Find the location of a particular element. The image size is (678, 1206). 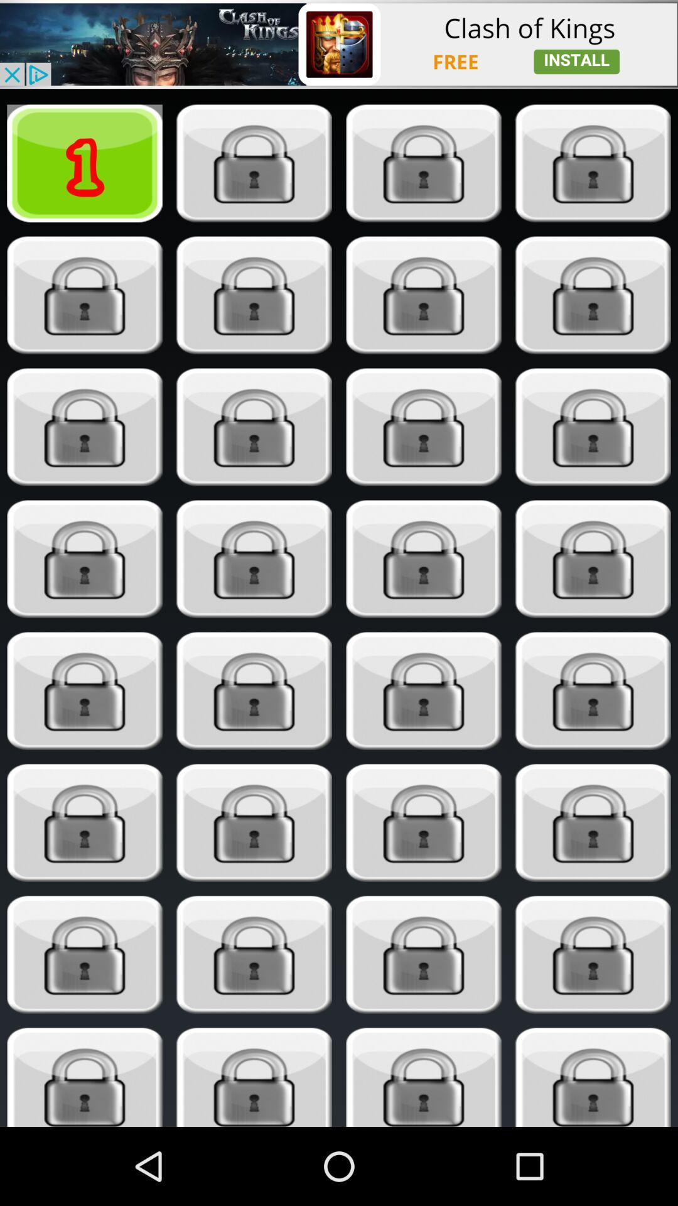

open locked app is located at coordinates (593, 690).